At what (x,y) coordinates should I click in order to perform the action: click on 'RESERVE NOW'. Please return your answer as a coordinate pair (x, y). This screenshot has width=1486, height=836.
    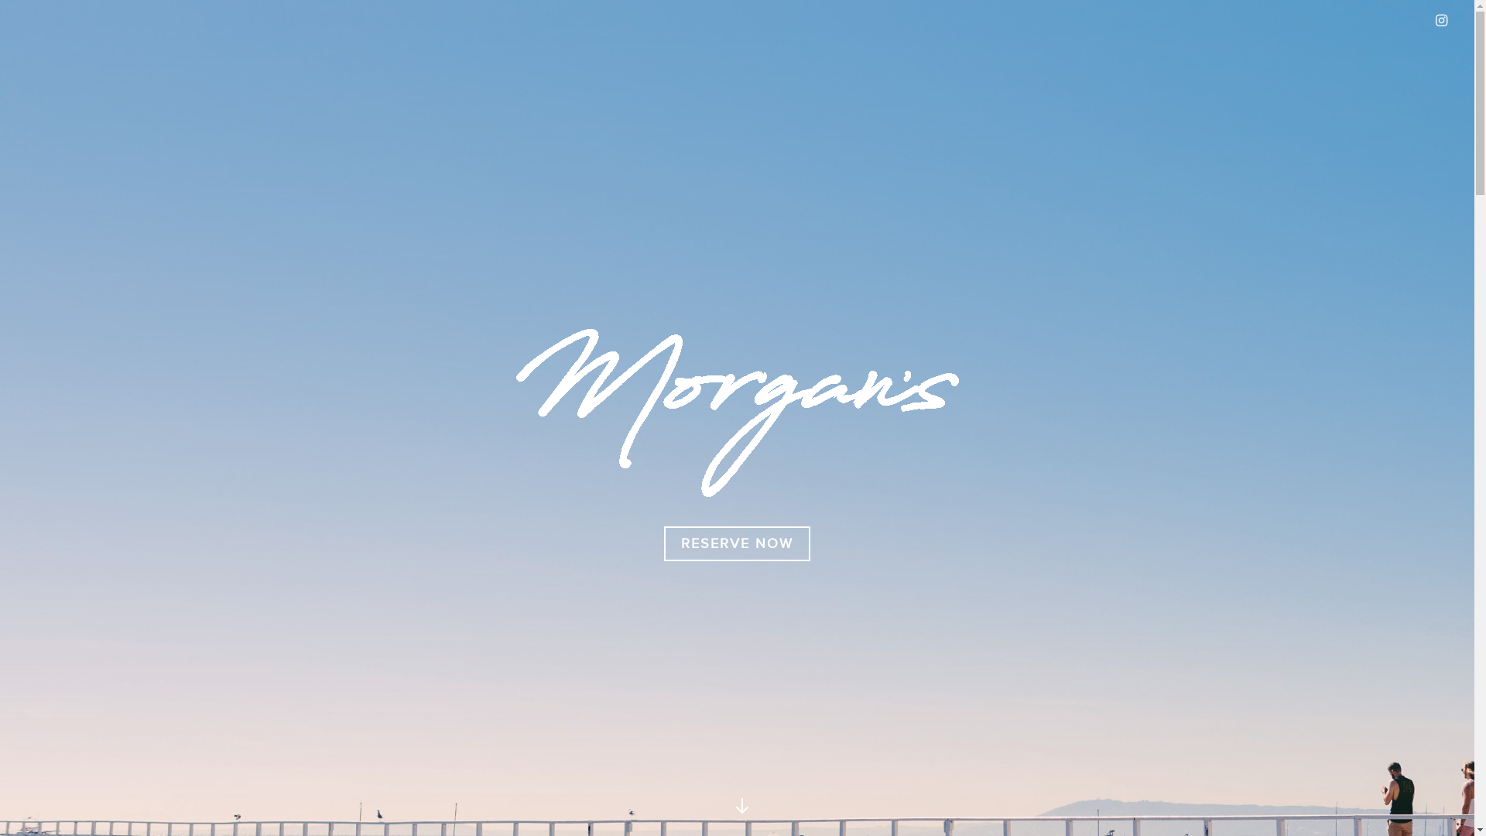
    Looking at the image, I should click on (736, 543).